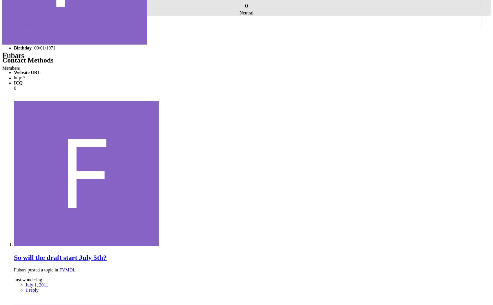 The width and height of the screenshot is (493, 305). I want to click on 'So will the draft start July 5th?', so click(60, 257).